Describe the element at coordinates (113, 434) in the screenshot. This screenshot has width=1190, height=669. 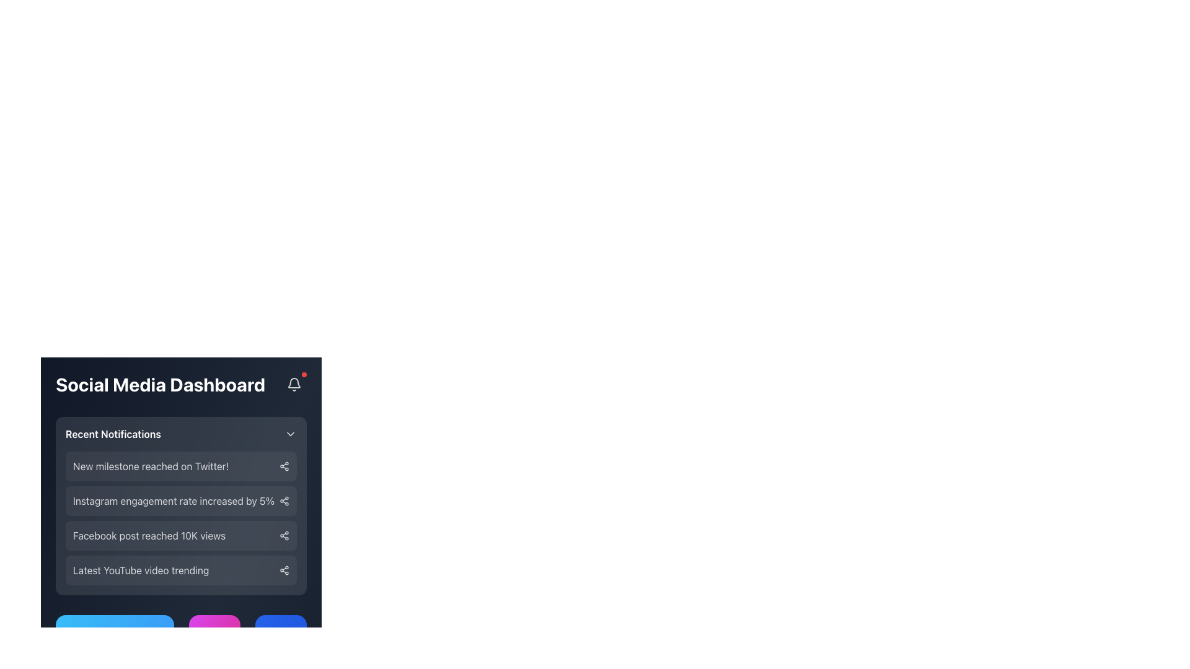
I see `the static text element that serves as the header for the notifications section, located at the upper section of the notifications area on the dashboard` at that location.